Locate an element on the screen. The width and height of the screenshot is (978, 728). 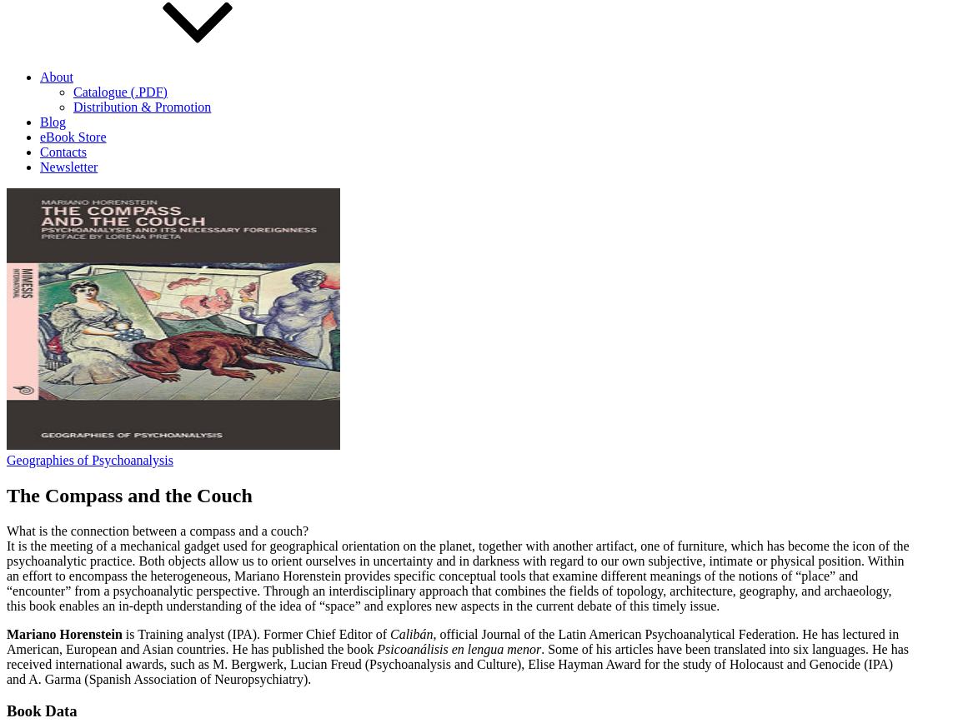
'Mariano Horenstein' is located at coordinates (63, 632).